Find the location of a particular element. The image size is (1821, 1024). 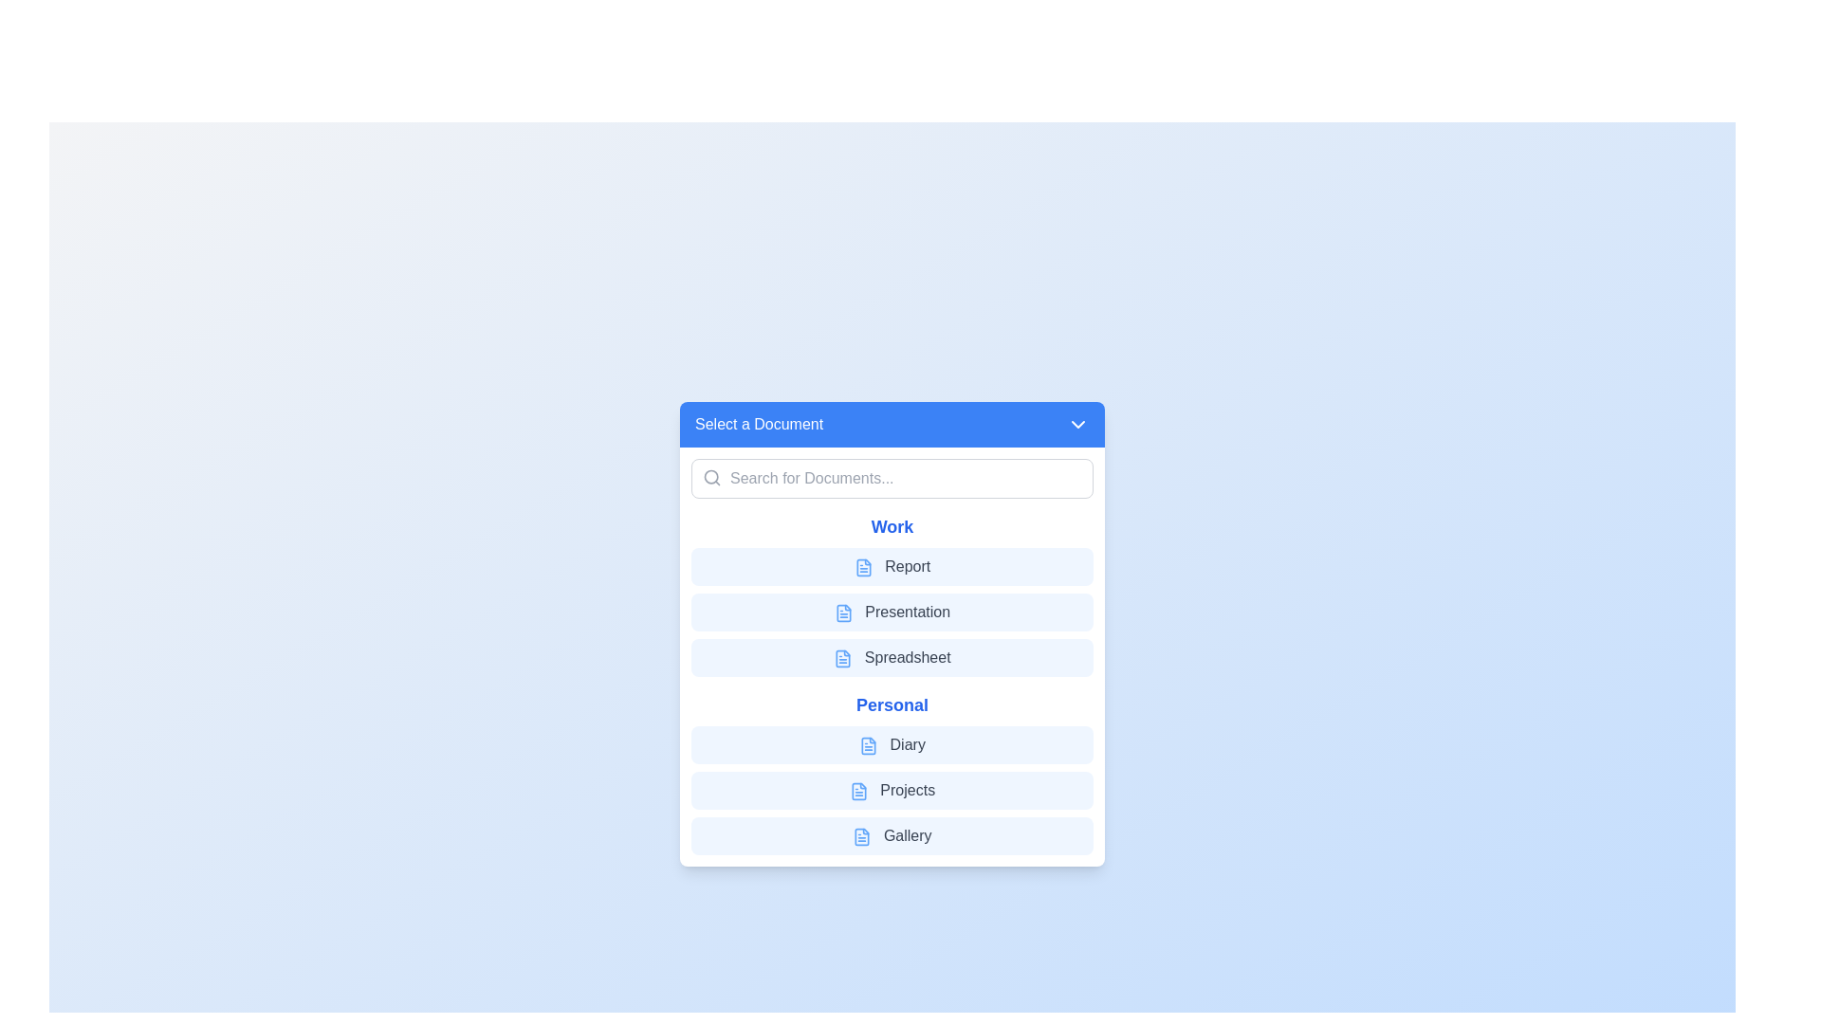

the light blue button labeled 'Spreadsheet' with a file icon, located in the 'Work' section is located at coordinates (891, 657).